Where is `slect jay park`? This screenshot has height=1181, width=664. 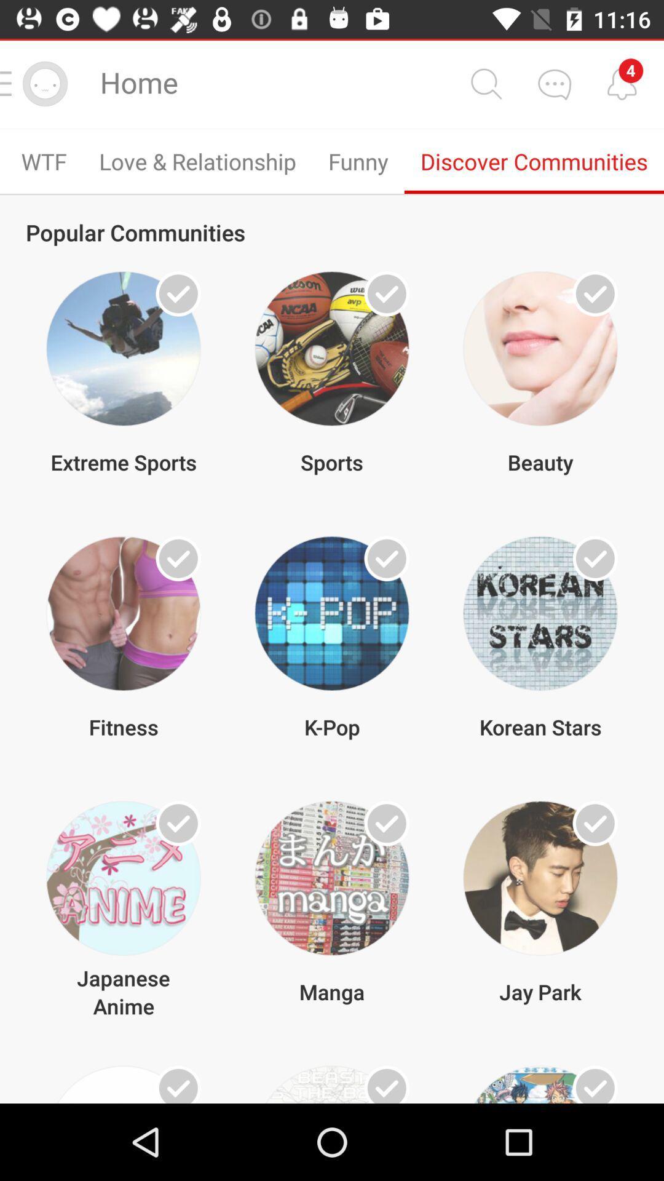 slect jay park is located at coordinates (595, 823).